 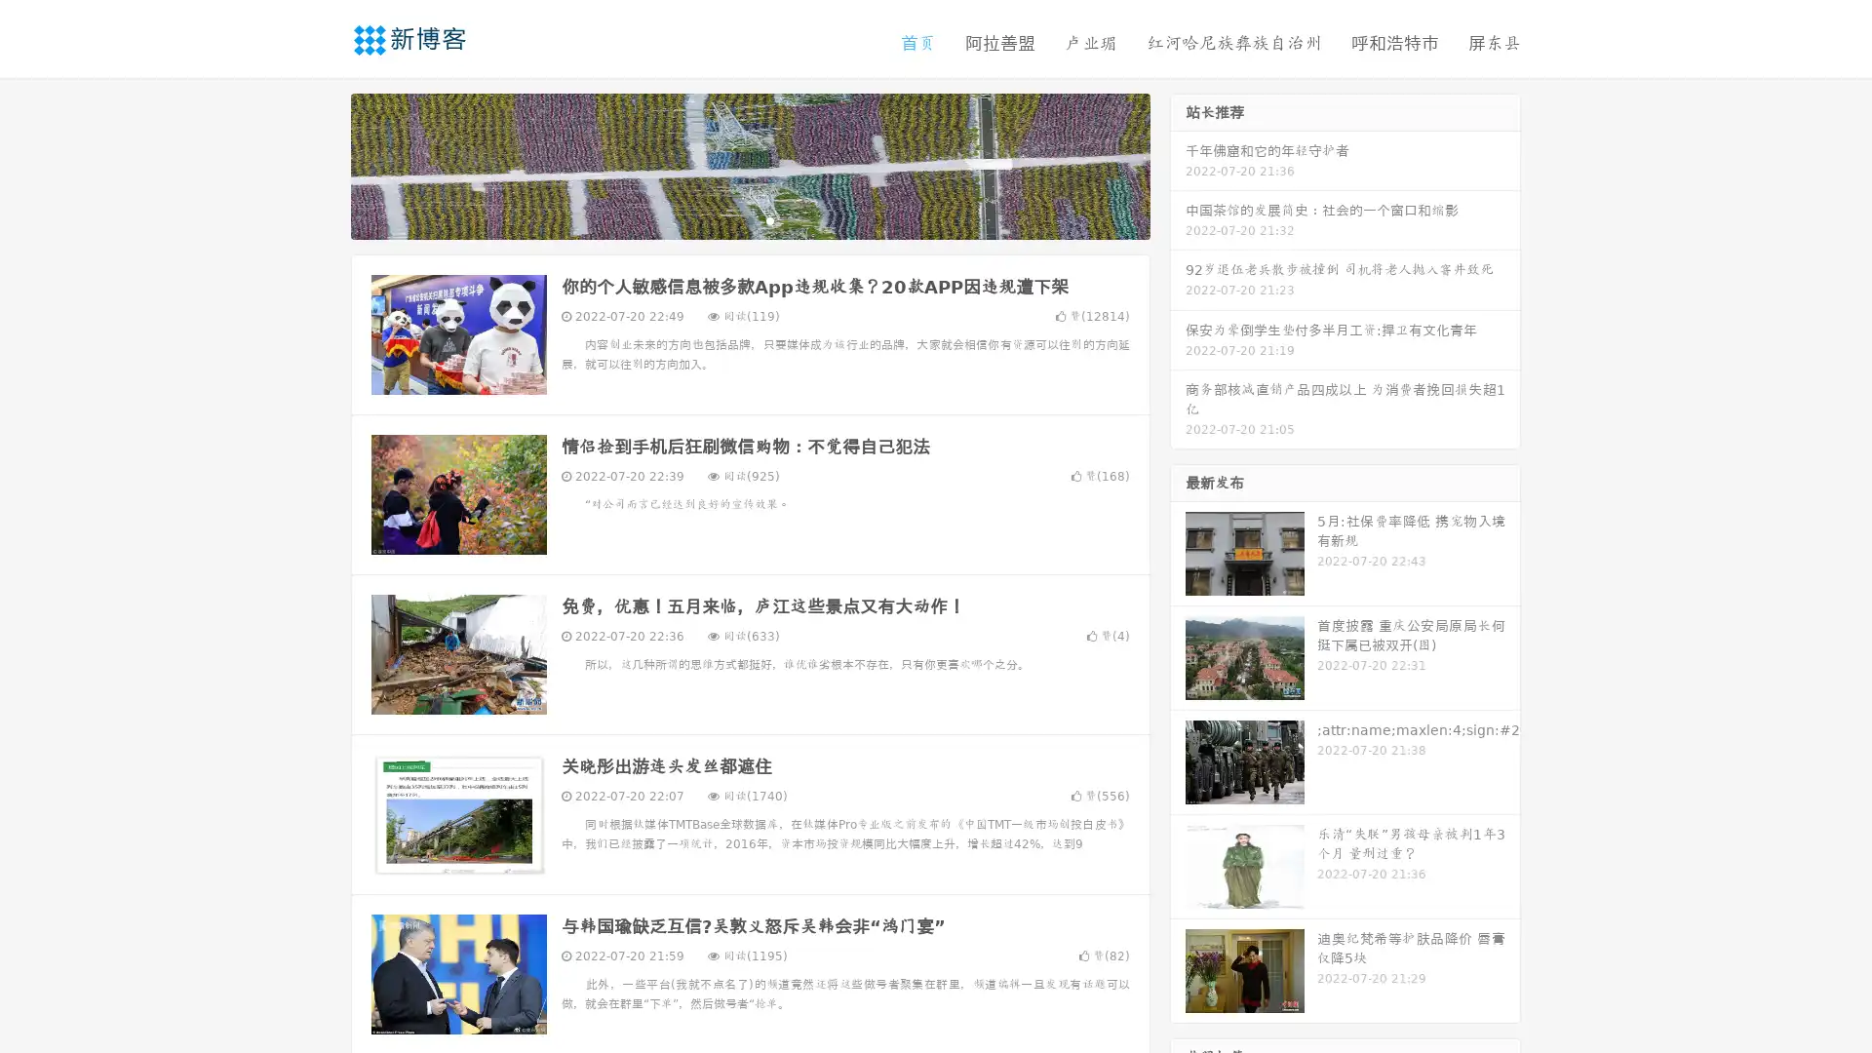 What do you see at coordinates (769, 219) in the screenshot?
I see `Go to slide 3` at bounding box center [769, 219].